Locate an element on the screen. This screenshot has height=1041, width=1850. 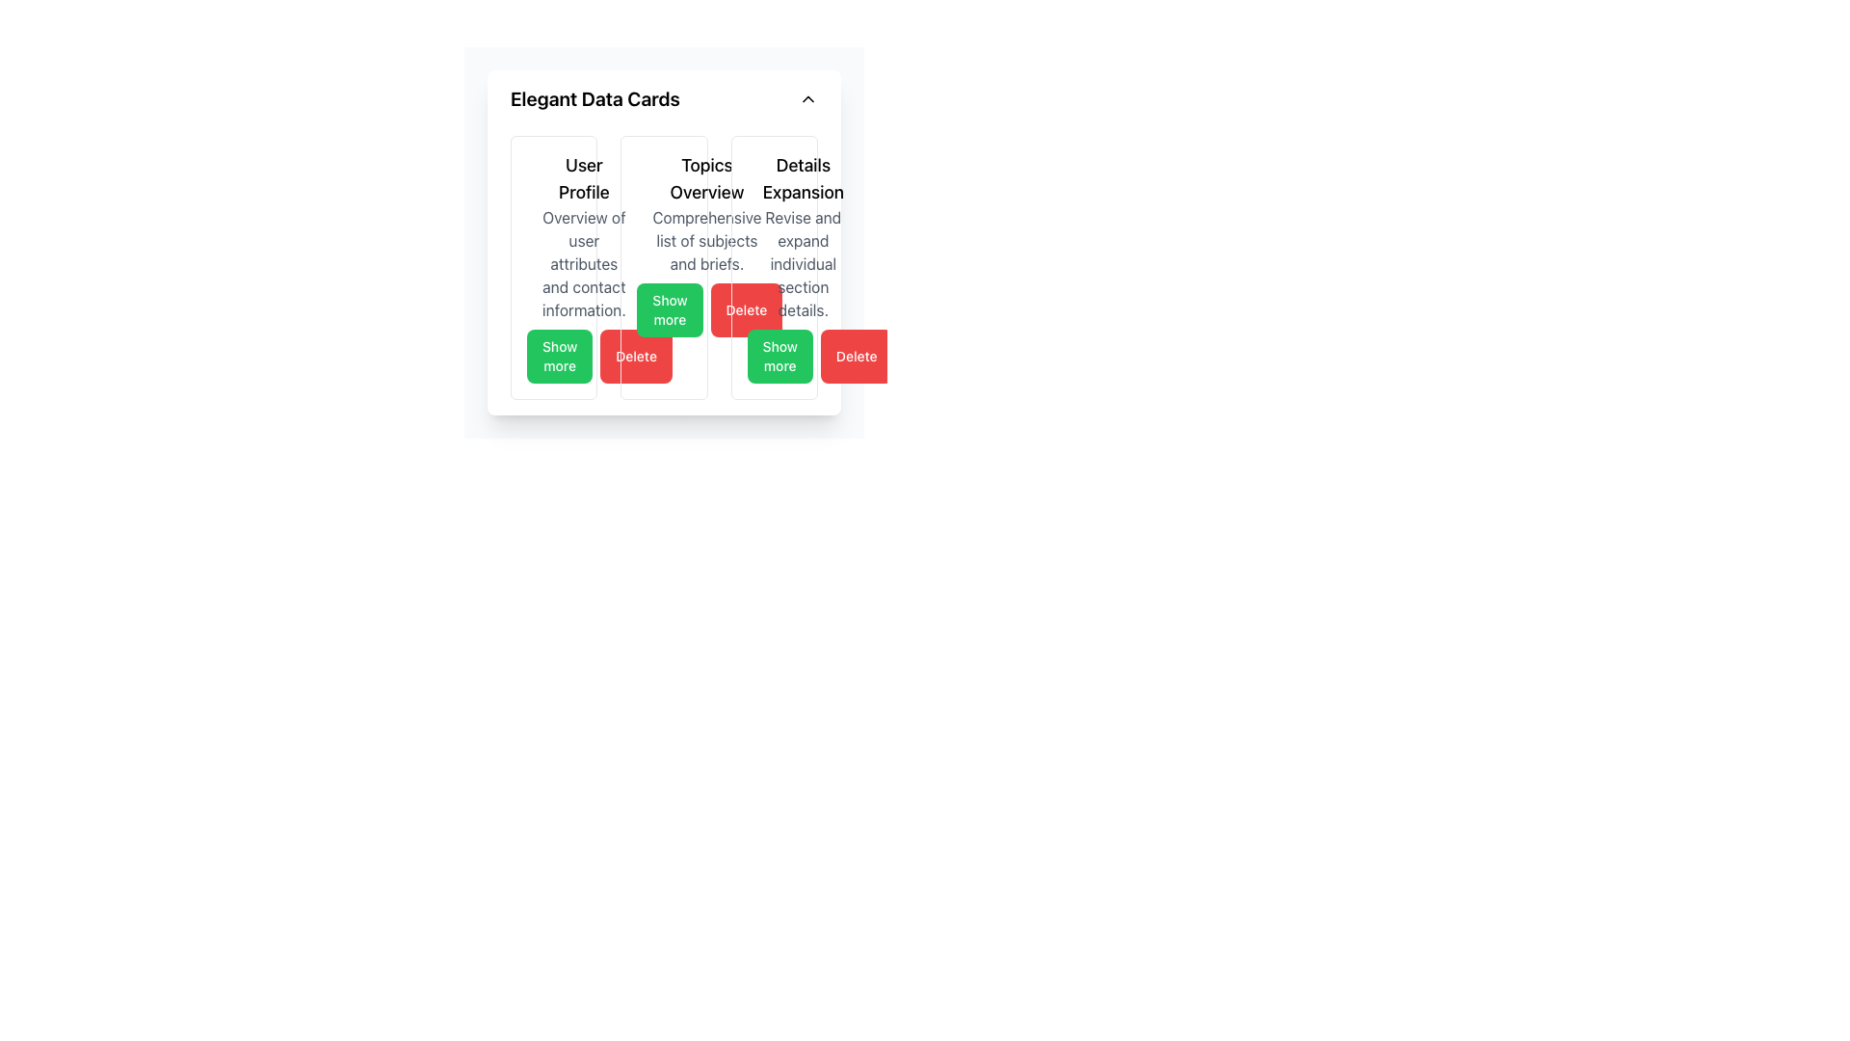
the 'User Profile' text label which is styled in bold and larger font size at the top of the first card layout is located at coordinates (583, 178).